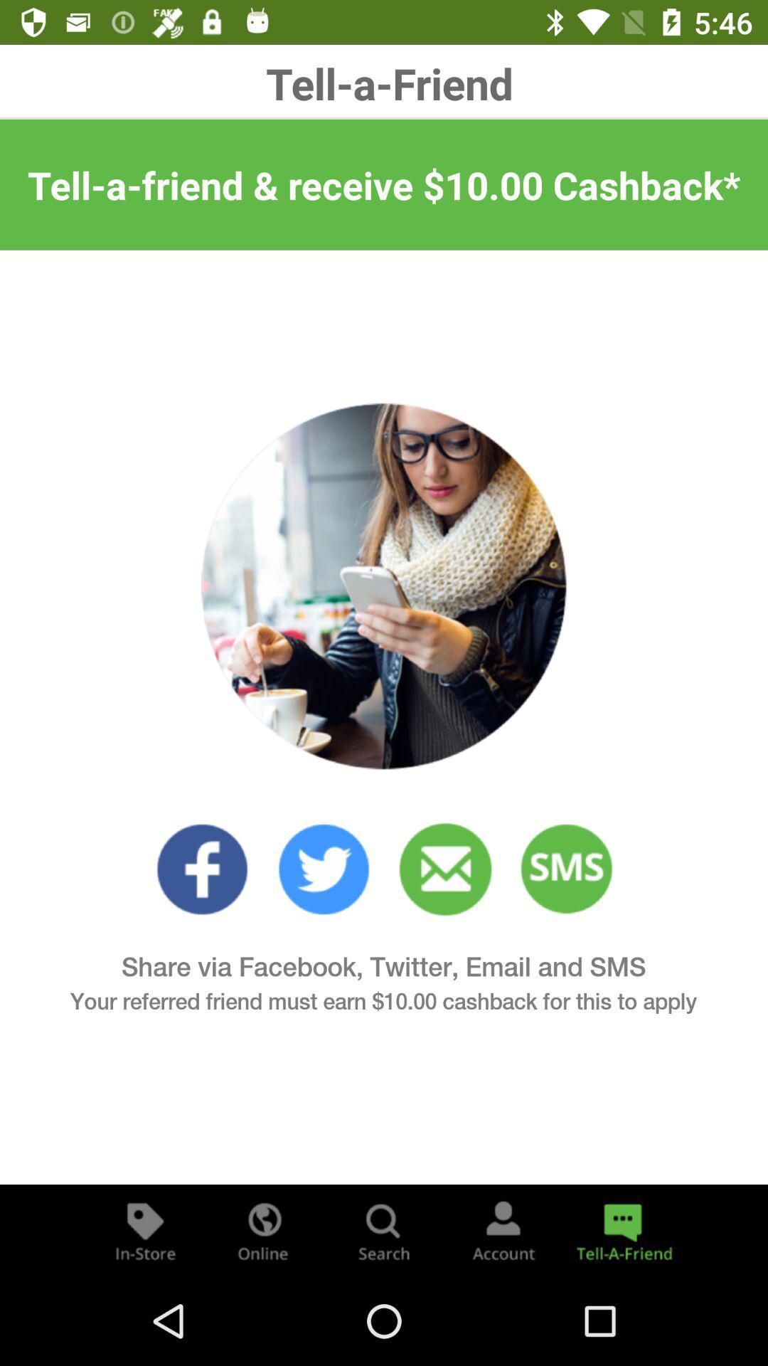 The width and height of the screenshot is (768, 1366). I want to click on the avatar icon, so click(503, 1229).